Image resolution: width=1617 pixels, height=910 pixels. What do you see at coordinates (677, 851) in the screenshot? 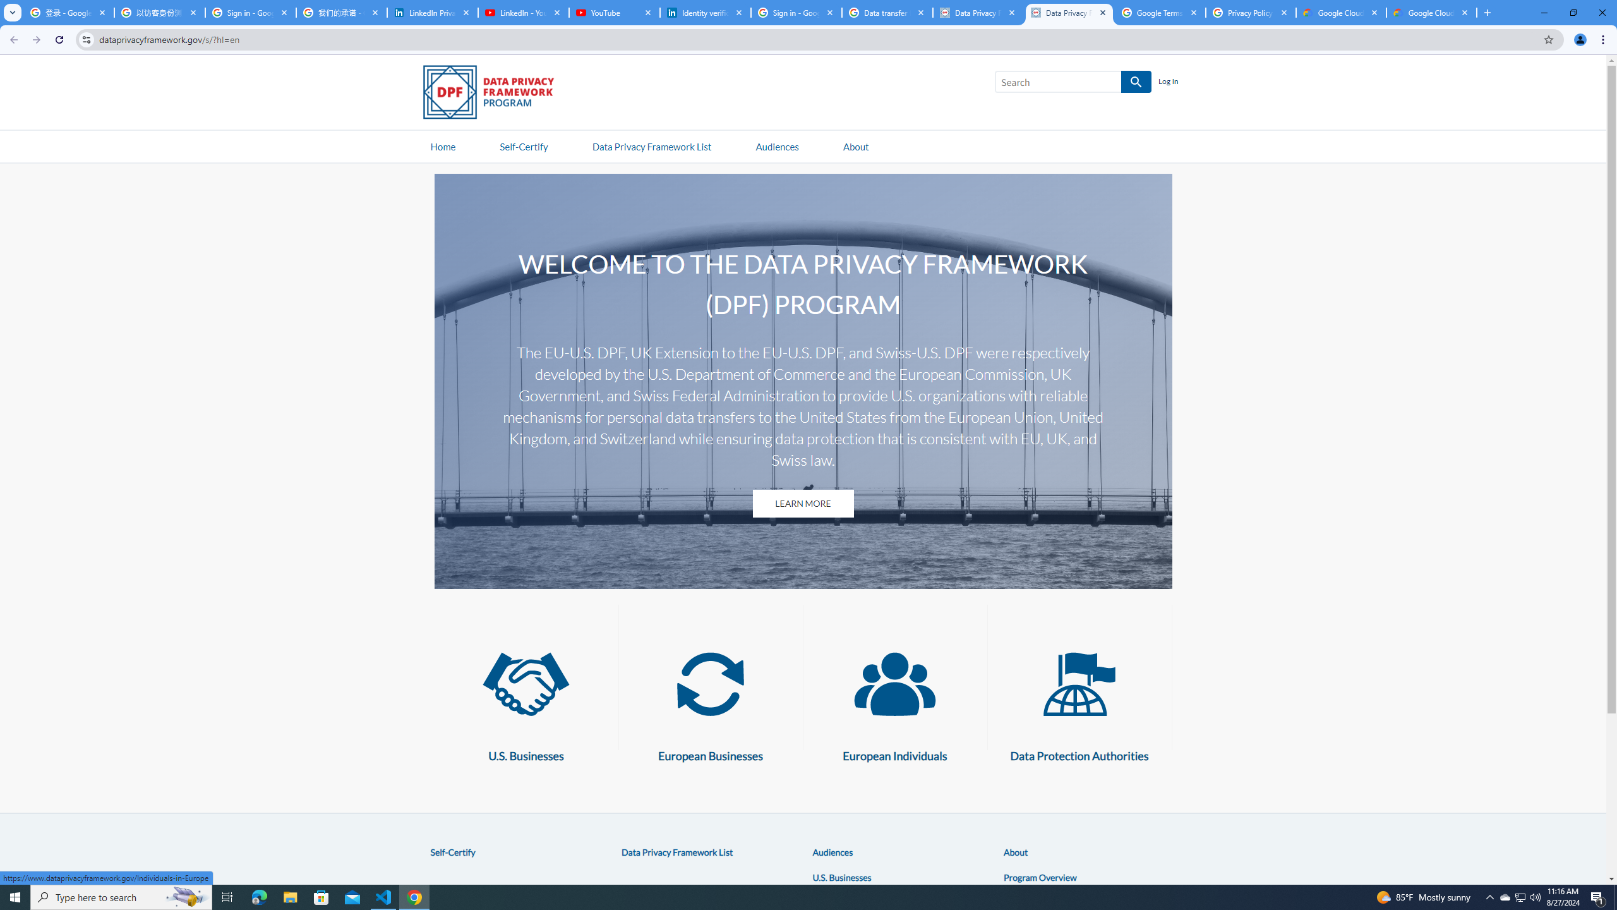
I see `'Data Privacy Framework List'` at bounding box center [677, 851].